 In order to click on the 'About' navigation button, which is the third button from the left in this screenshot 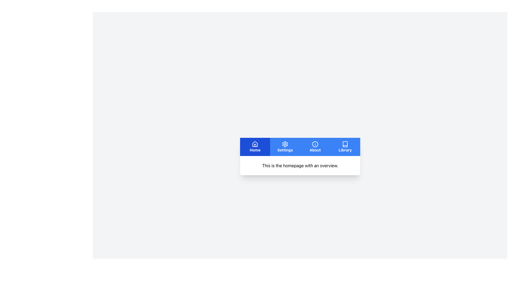, I will do `click(315, 147)`.